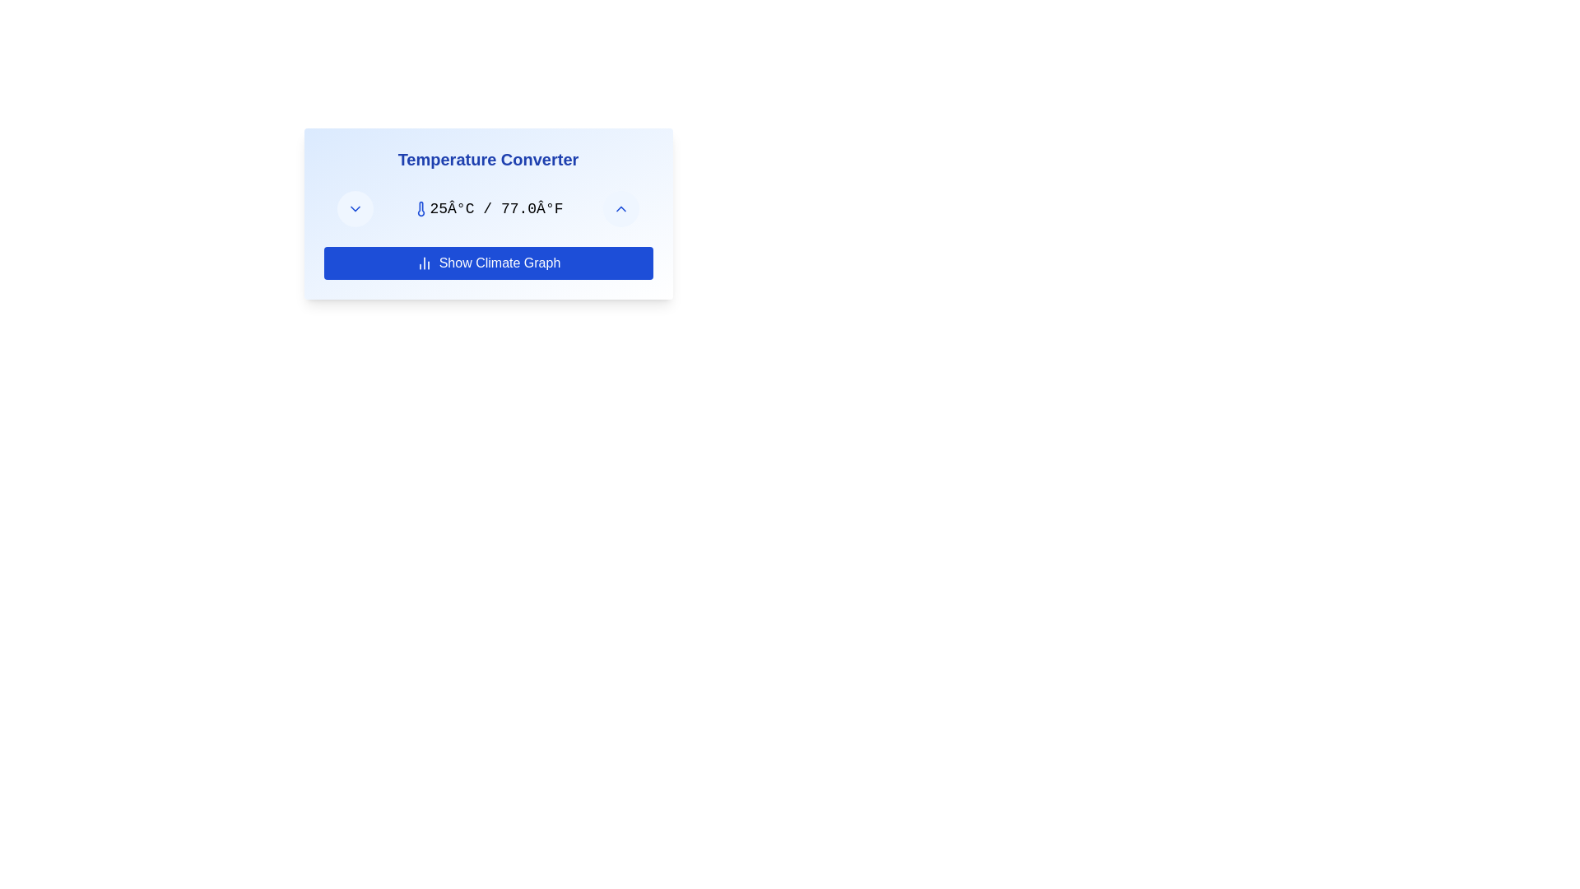 Image resolution: width=1580 pixels, height=889 pixels. What do you see at coordinates (487, 263) in the screenshot?
I see `the blue rectangular button labeled 'Show Climate Graph' with a bar chart icon, located at the bottom of the 'Temperature Converter' card` at bounding box center [487, 263].